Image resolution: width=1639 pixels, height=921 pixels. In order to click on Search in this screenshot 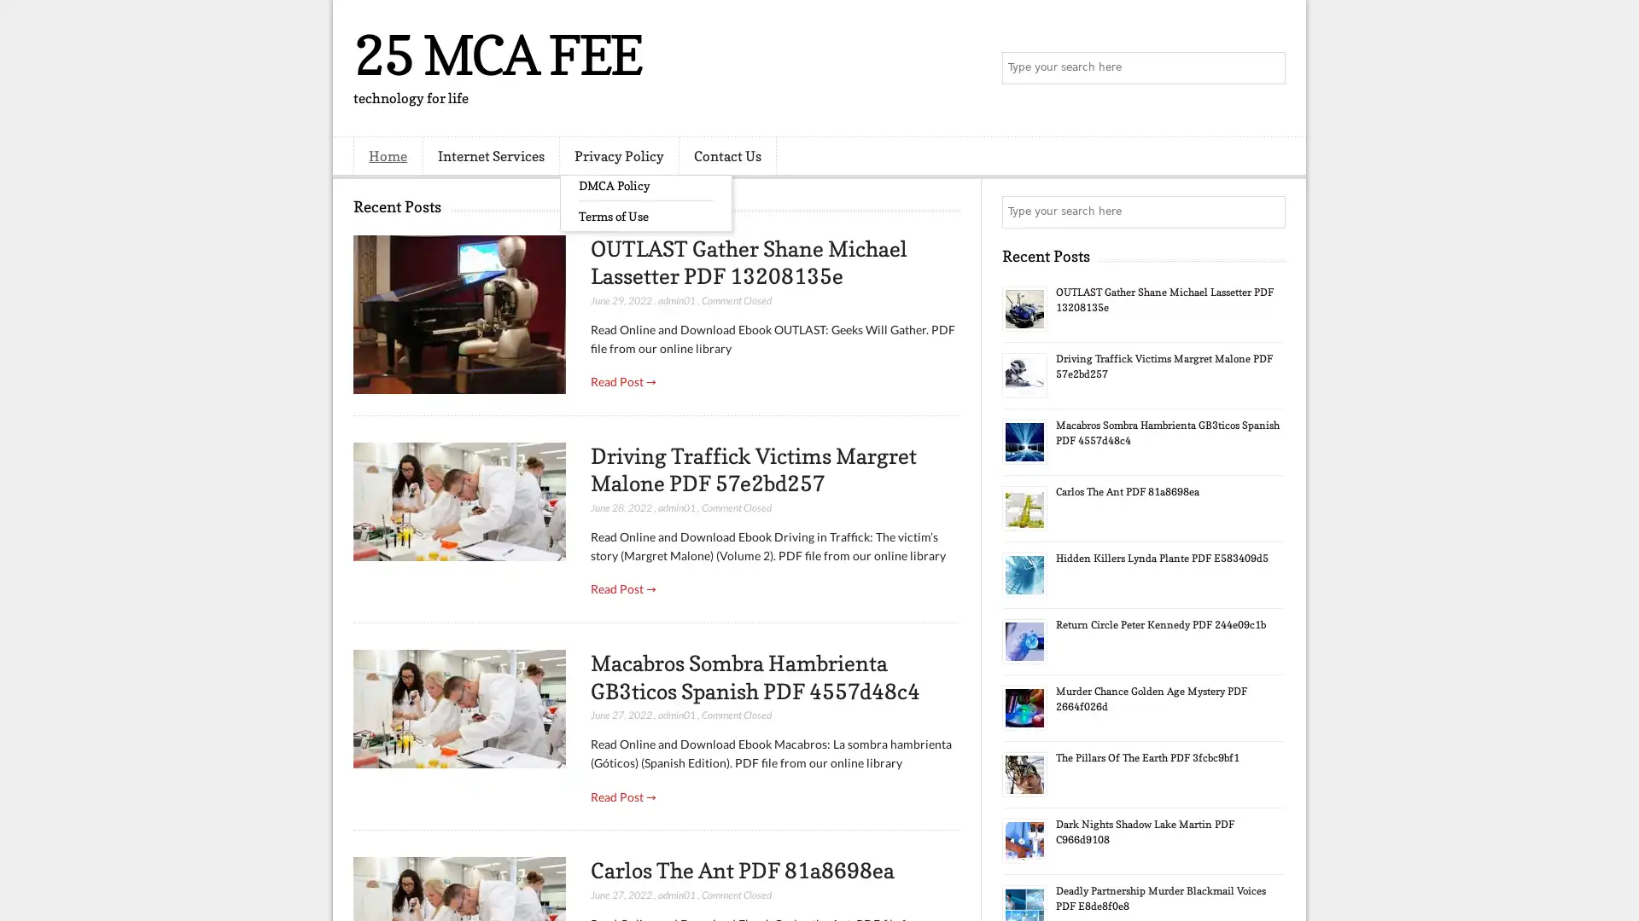, I will do `click(1268, 211)`.